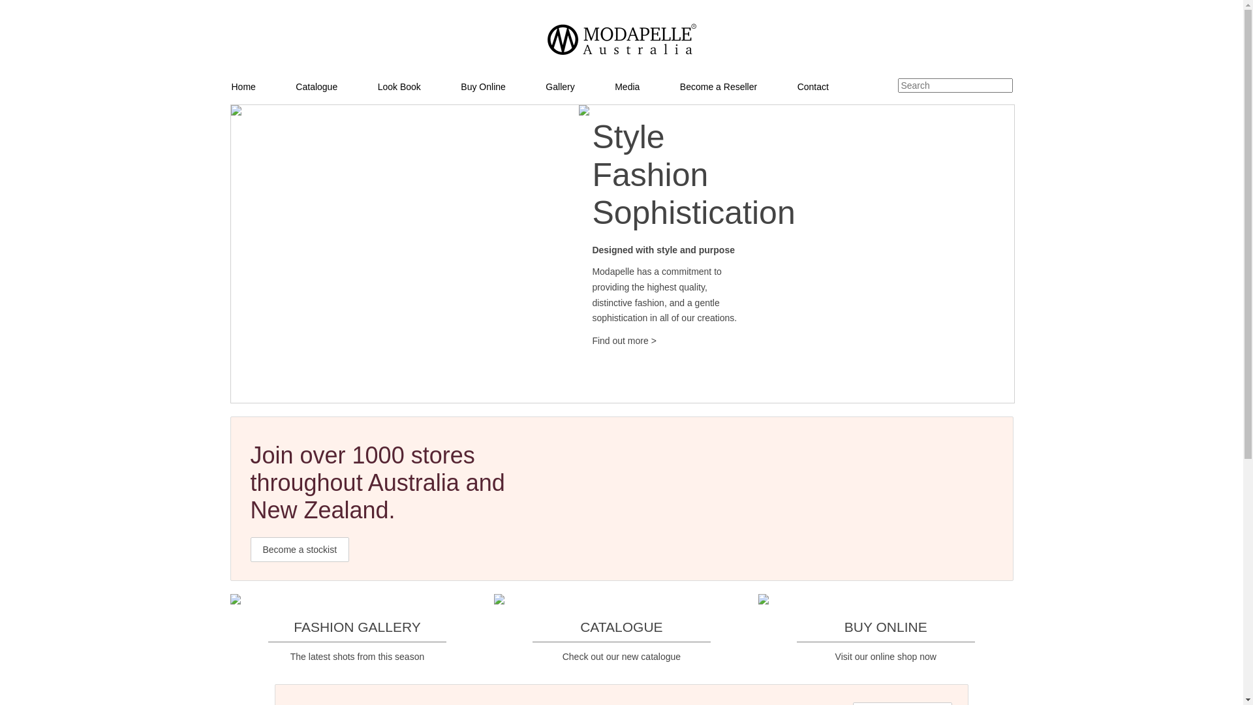  Describe the element at coordinates (758, 627) in the screenshot. I see `'BUY ONLINE` at that location.